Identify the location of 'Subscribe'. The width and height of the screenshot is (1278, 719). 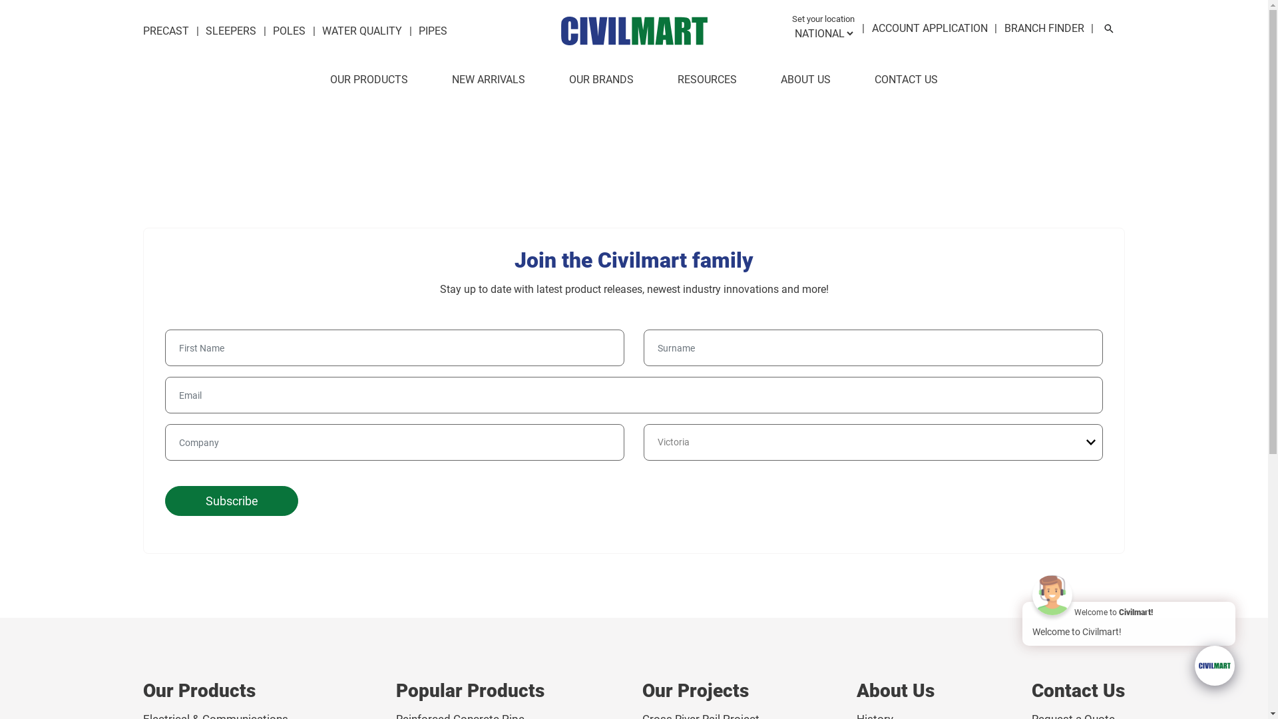
(232, 501).